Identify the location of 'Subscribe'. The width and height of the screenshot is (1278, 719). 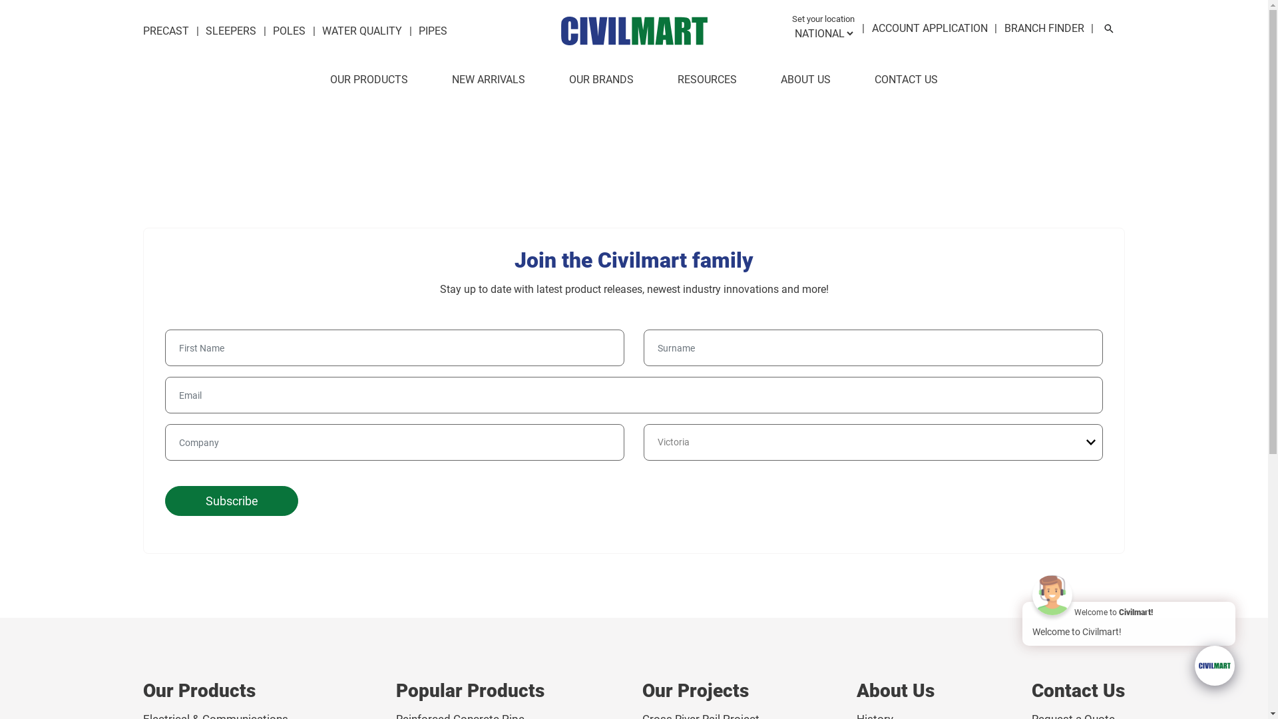
(232, 501).